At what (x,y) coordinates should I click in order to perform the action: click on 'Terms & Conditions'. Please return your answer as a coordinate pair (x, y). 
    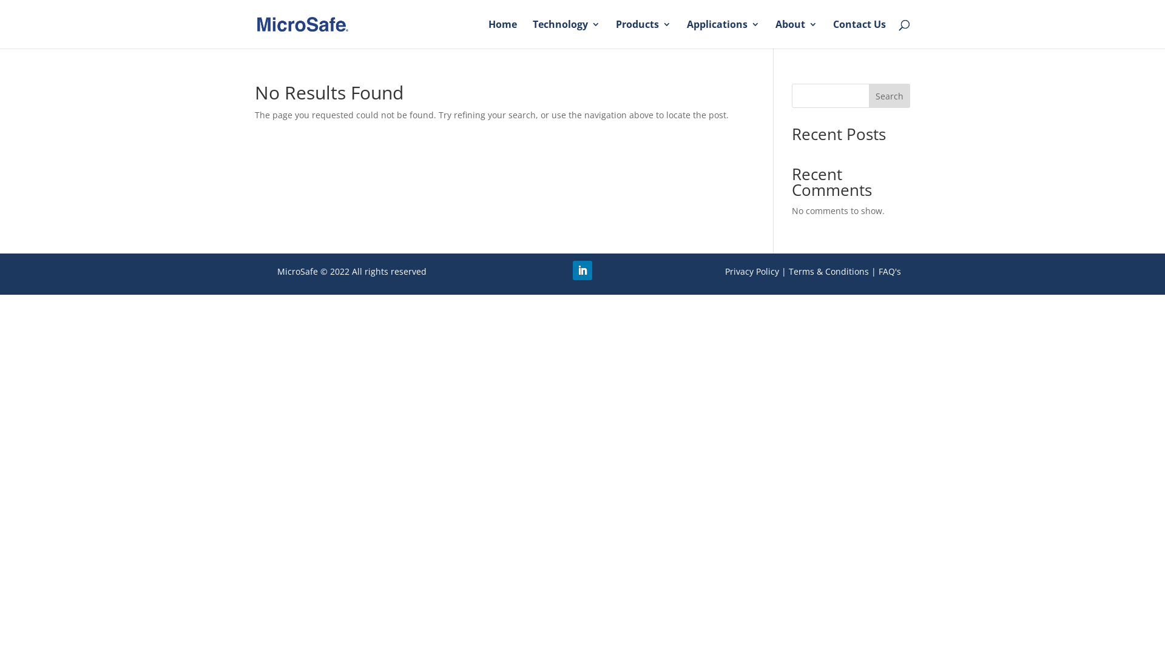
    Looking at the image, I should click on (828, 270).